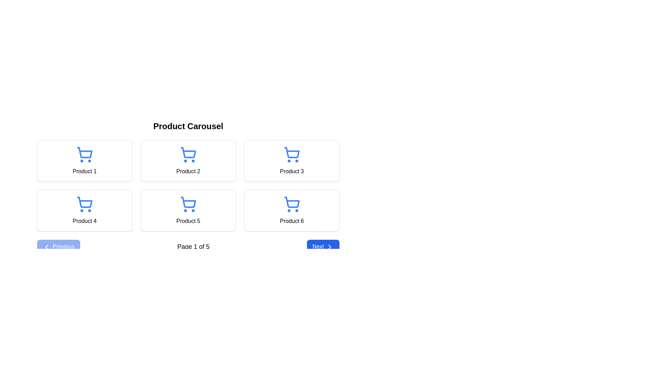  I want to click on the forward navigation icon located within the 'Next' button at the bottom-right corner of the interface, so click(329, 246).